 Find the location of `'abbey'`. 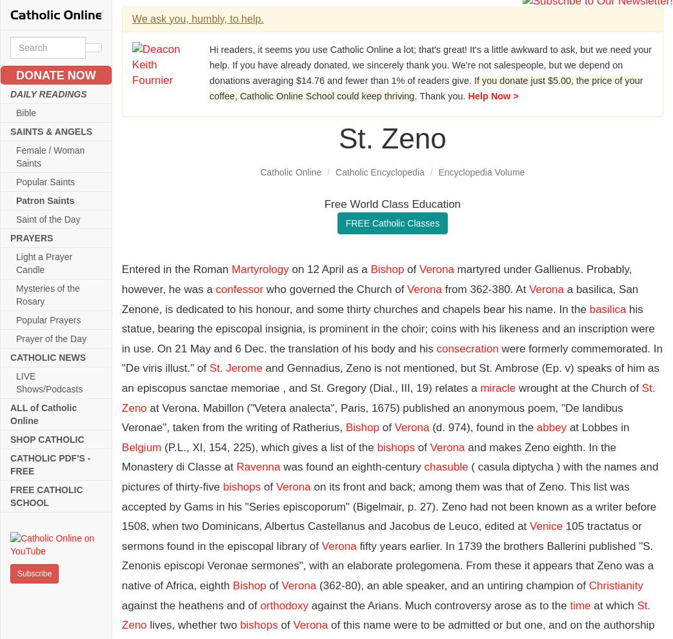

'abbey' is located at coordinates (551, 427).